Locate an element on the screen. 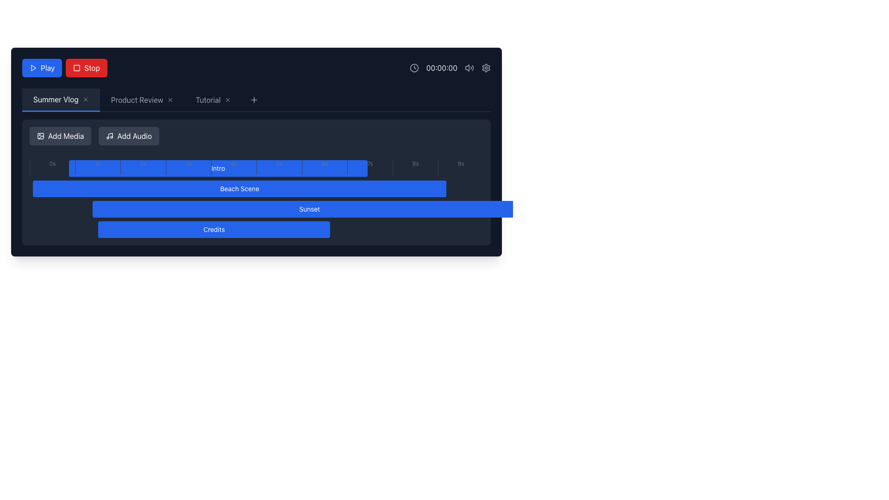  the blue 'Play' button in the grouped button control is located at coordinates (64, 67).